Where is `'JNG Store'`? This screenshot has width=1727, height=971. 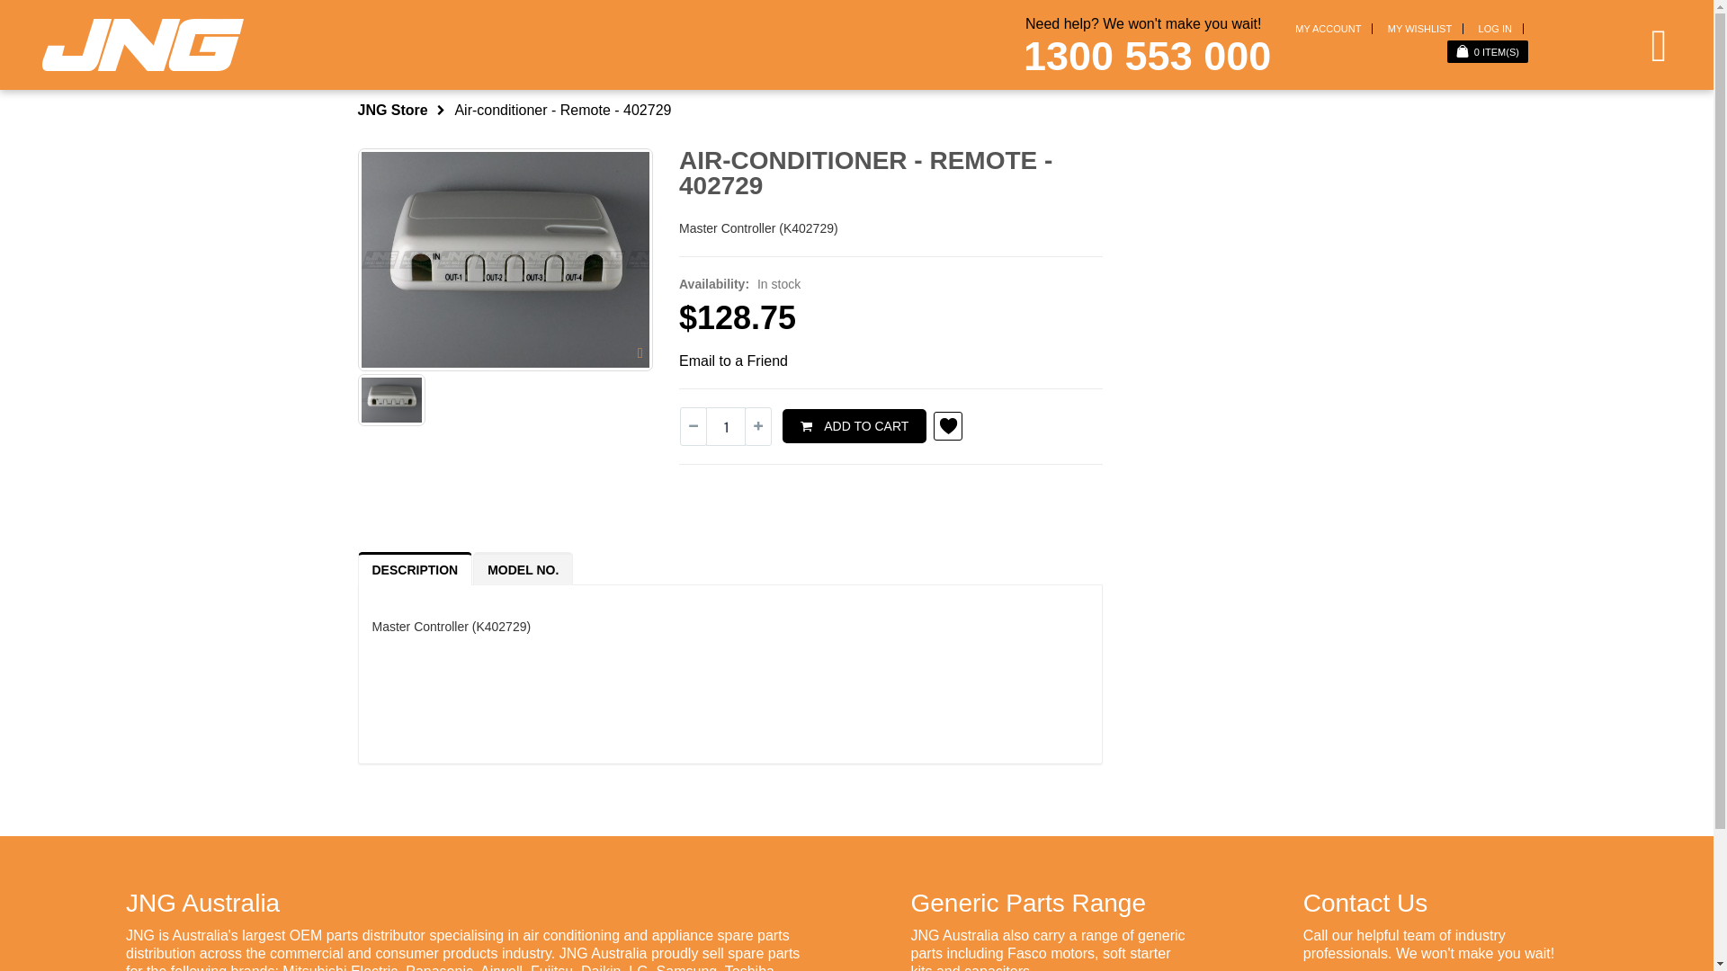 'JNG Store' is located at coordinates (358, 110).